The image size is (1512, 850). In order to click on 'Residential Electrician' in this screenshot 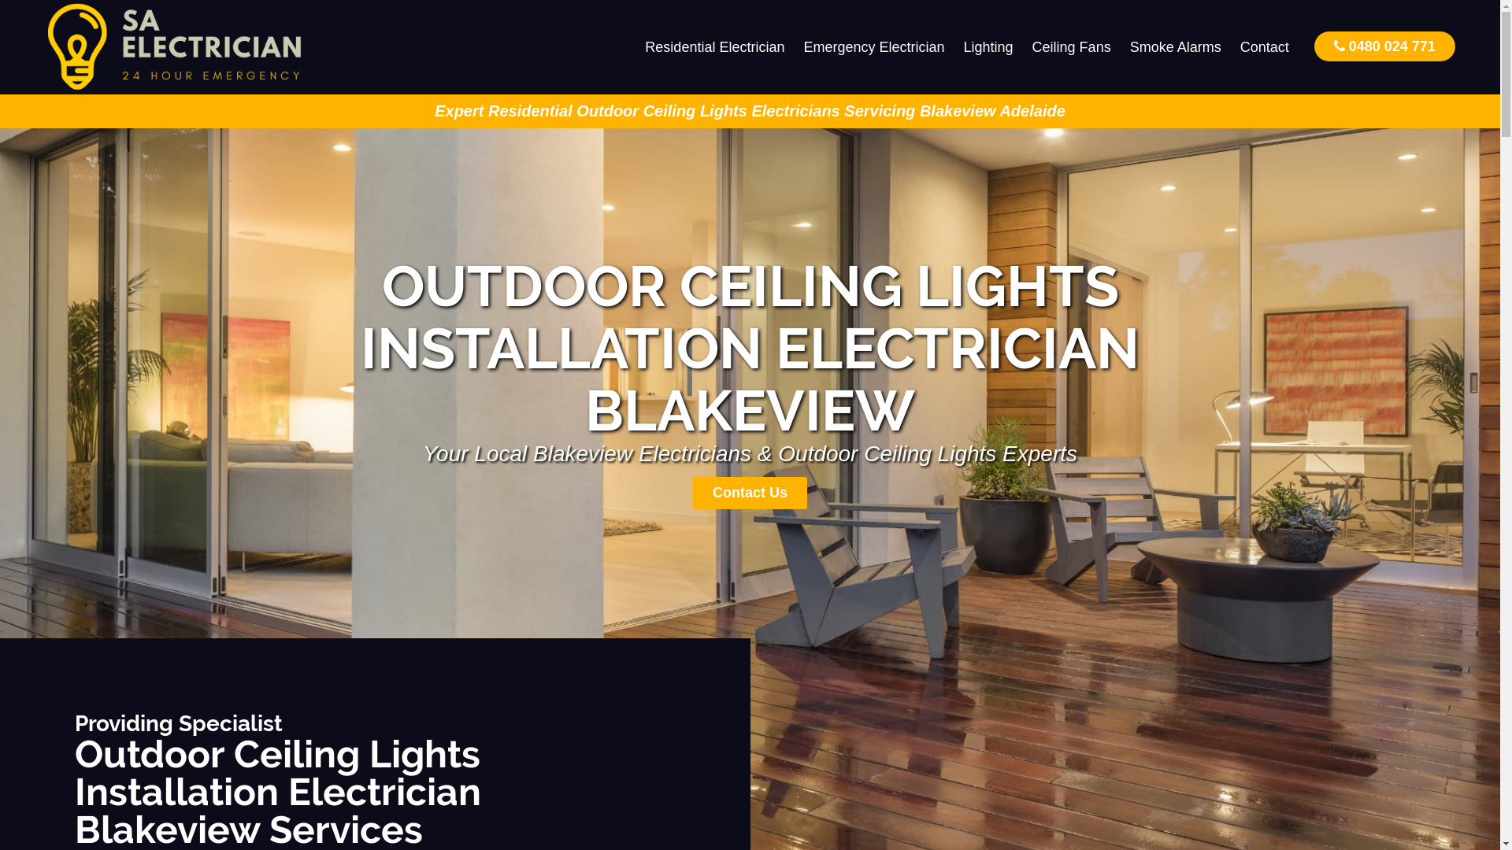, I will do `click(635, 46)`.